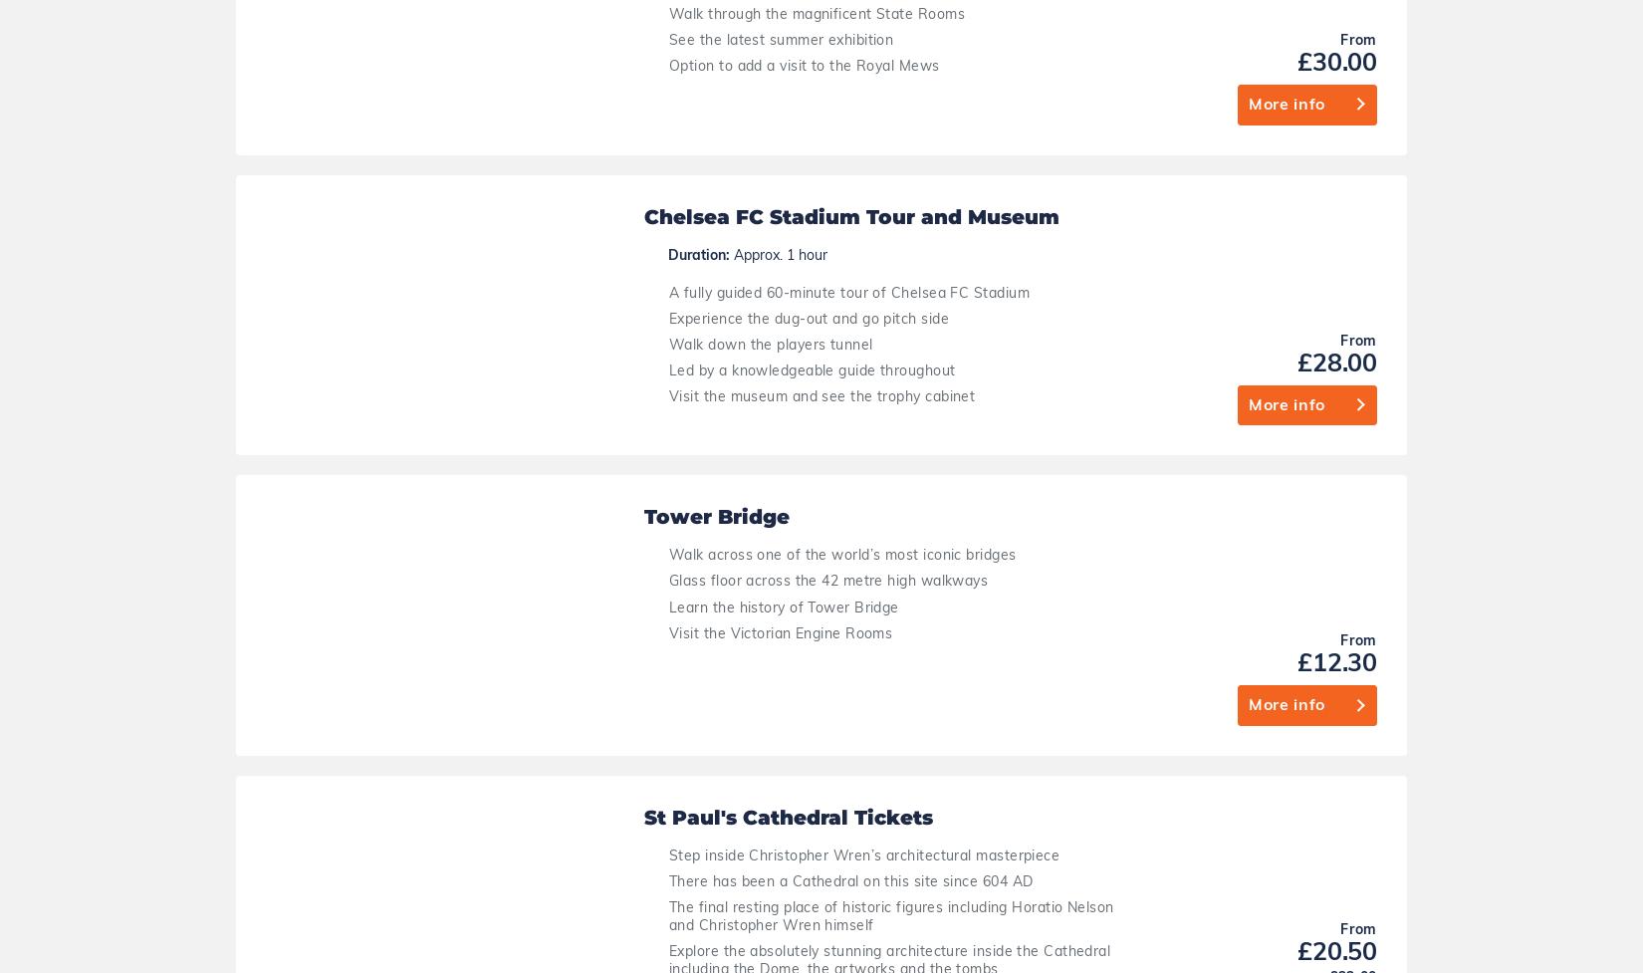 The image size is (1643, 973). Describe the element at coordinates (668, 519) in the screenshot. I see `'The location of the iconic wedding between Prince William and Kate Middleton'` at that location.